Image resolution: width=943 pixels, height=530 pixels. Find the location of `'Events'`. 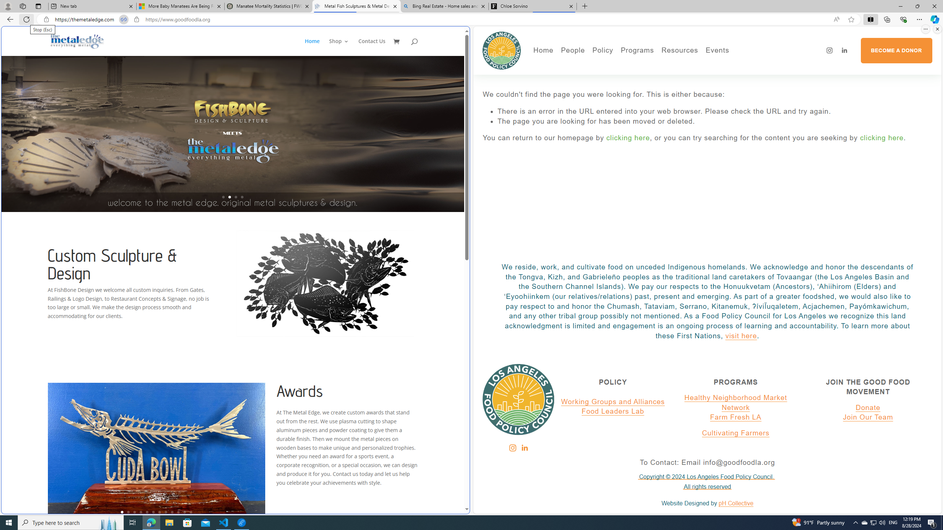

'Events' is located at coordinates (742, 65).